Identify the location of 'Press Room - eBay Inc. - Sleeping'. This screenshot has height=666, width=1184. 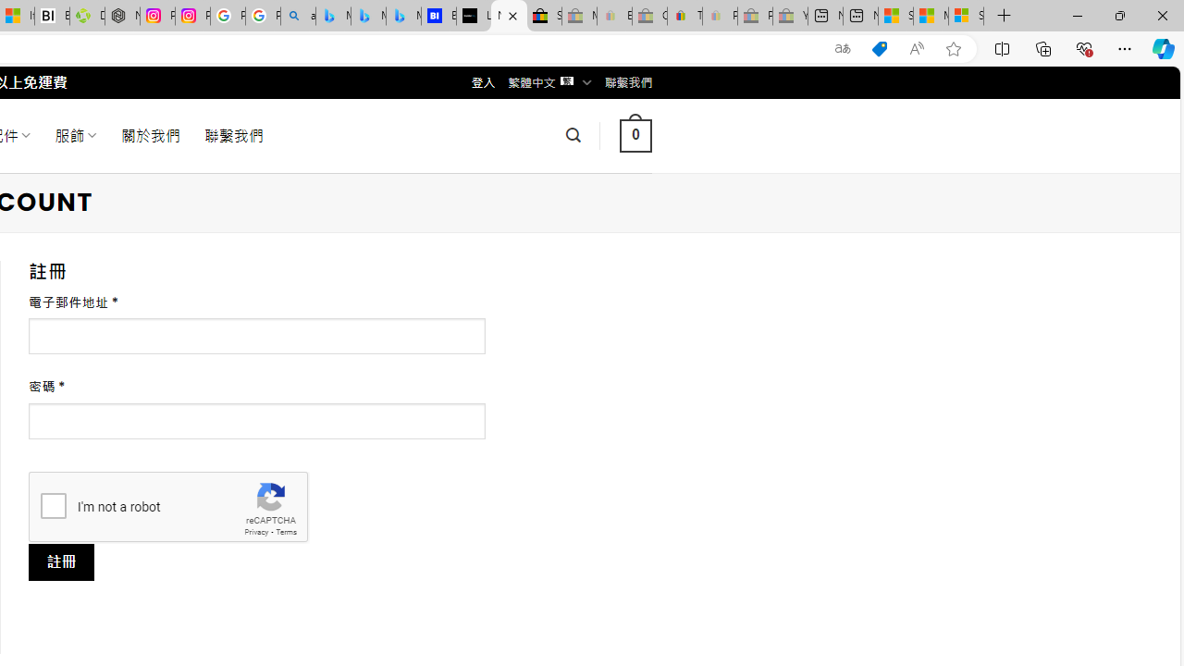
(755, 16).